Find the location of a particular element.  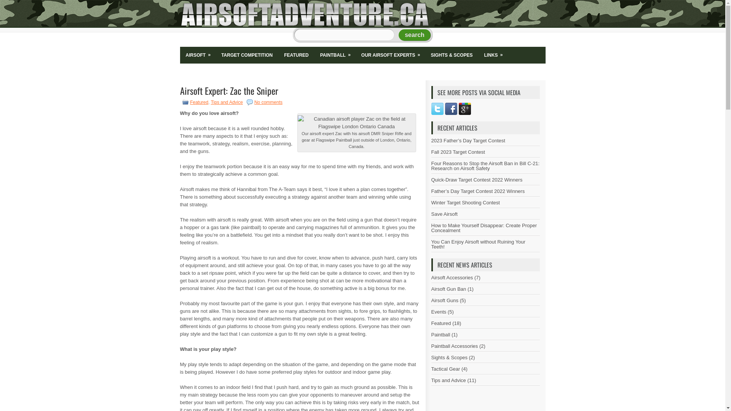

'Airsoft Accessories' is located at coordinates (452, 277).